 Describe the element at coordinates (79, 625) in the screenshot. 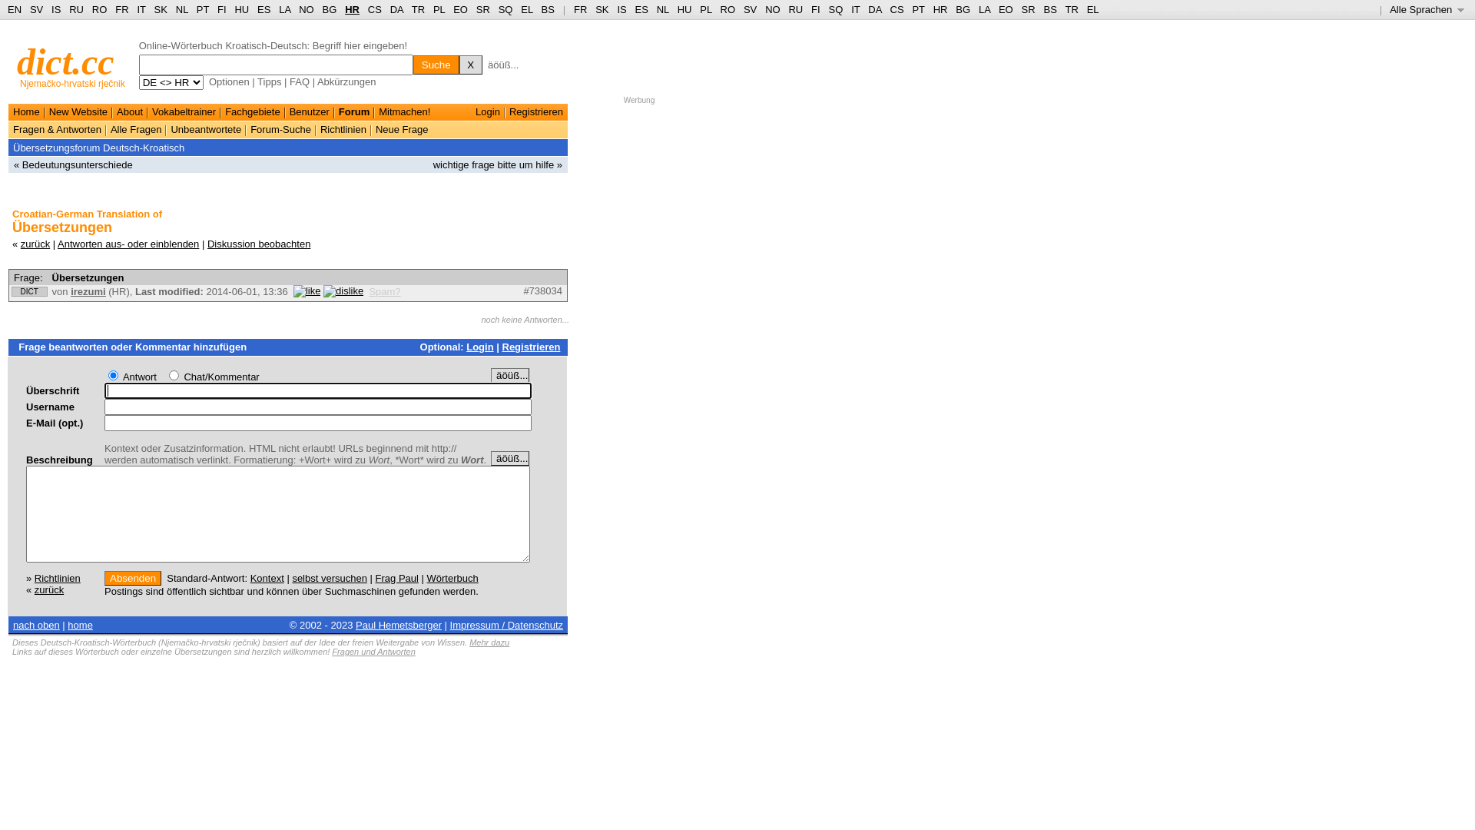

I see `'home'` at that location.